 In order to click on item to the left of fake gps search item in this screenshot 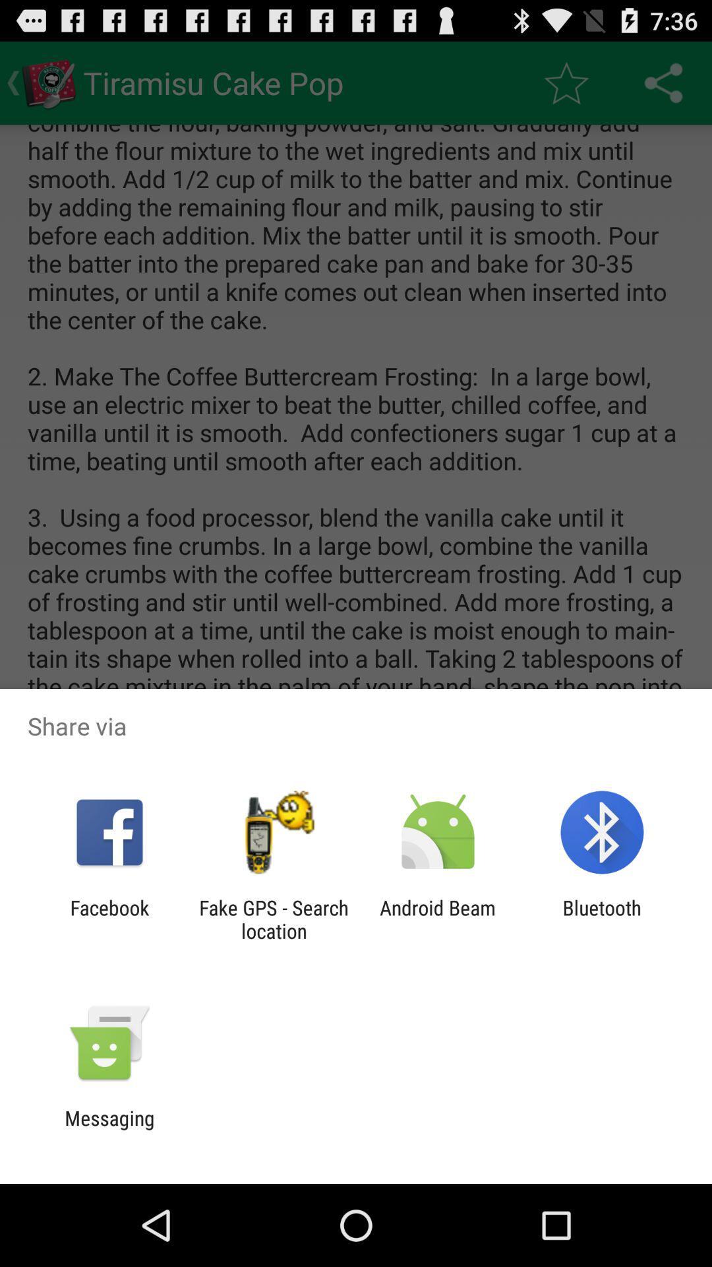, I will do `click(109, 919)`.